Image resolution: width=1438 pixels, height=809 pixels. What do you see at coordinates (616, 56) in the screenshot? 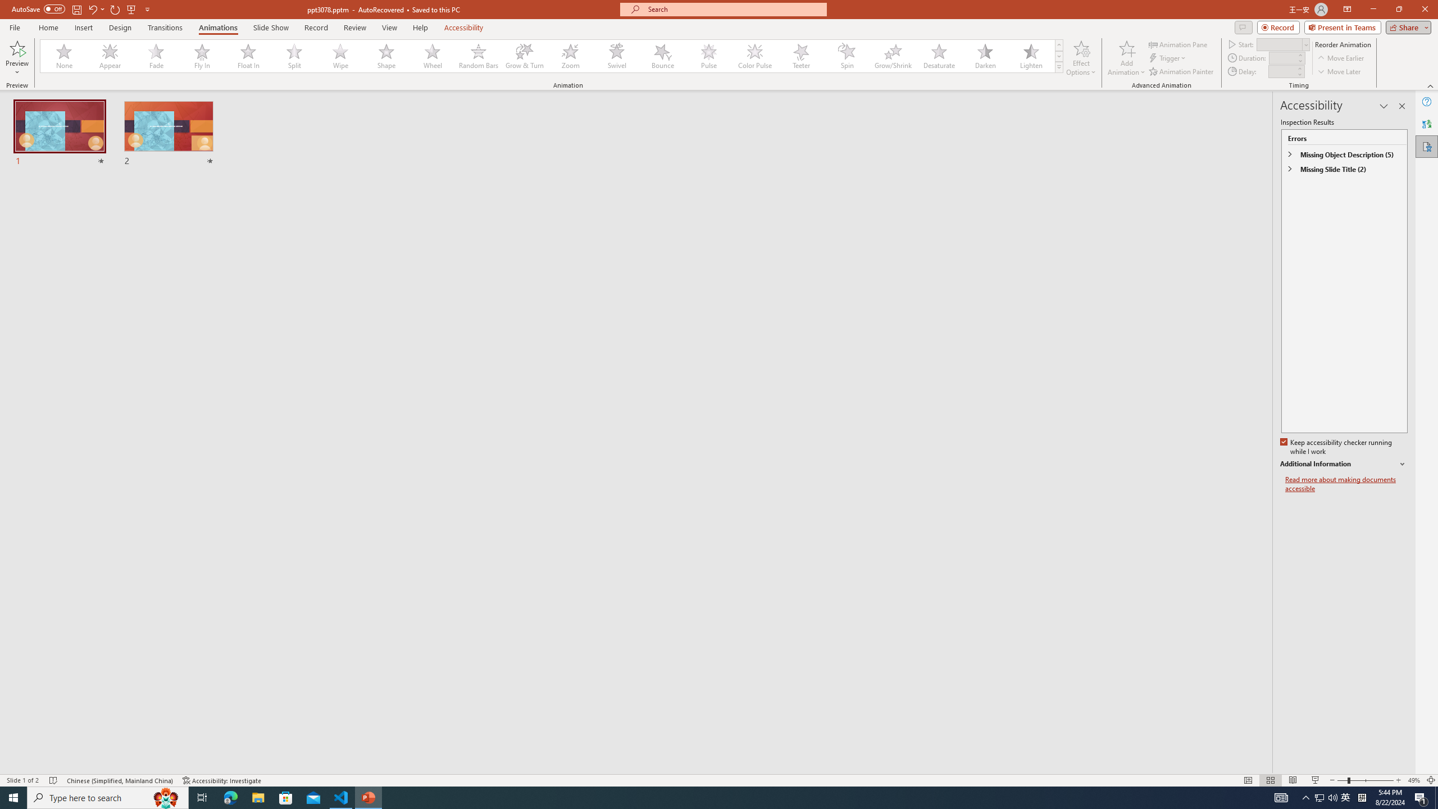
I see `'Swivel'` at bounding box center [616, 56].